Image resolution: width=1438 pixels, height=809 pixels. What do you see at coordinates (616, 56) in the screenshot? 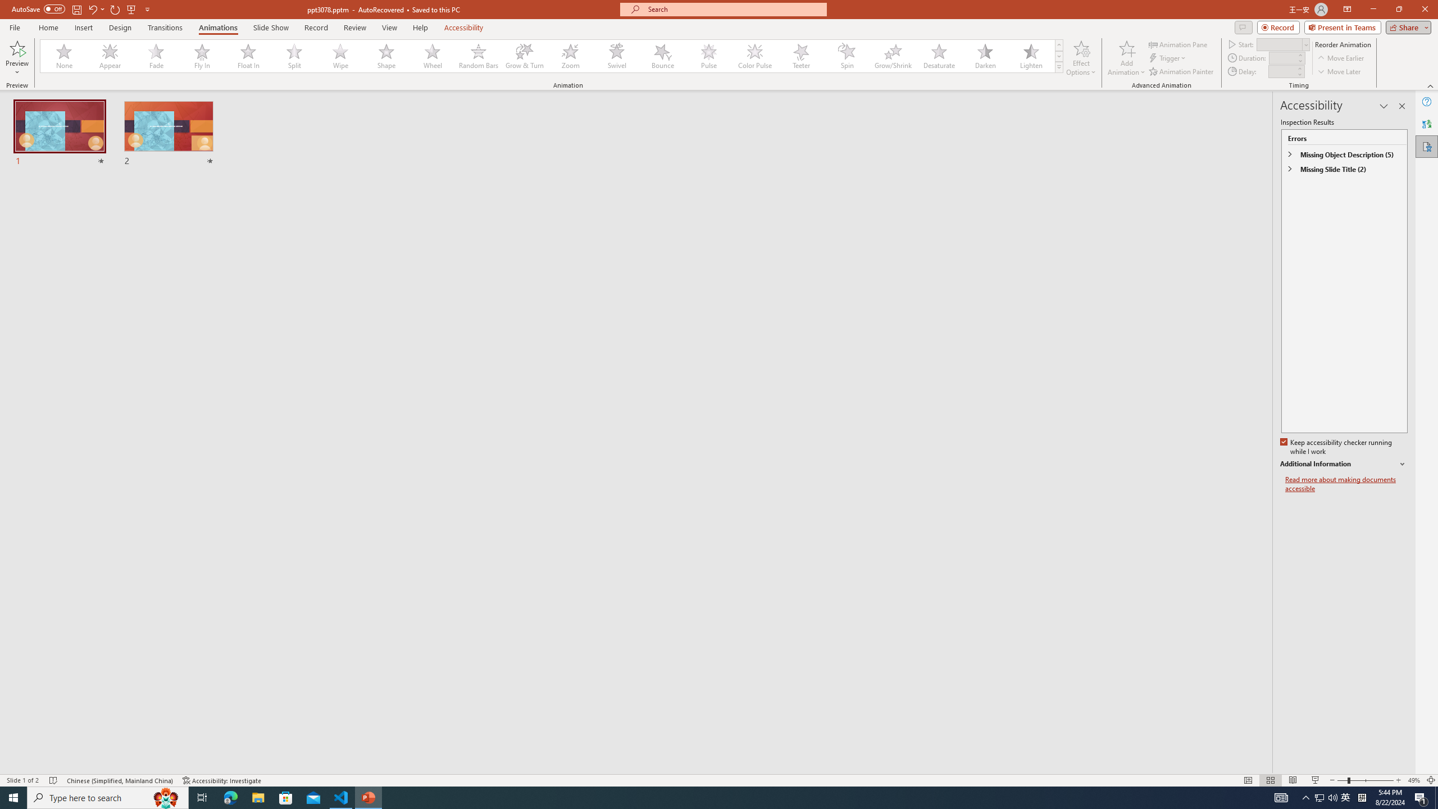
I see `'Swivel'` at bounding box center [616, 56].